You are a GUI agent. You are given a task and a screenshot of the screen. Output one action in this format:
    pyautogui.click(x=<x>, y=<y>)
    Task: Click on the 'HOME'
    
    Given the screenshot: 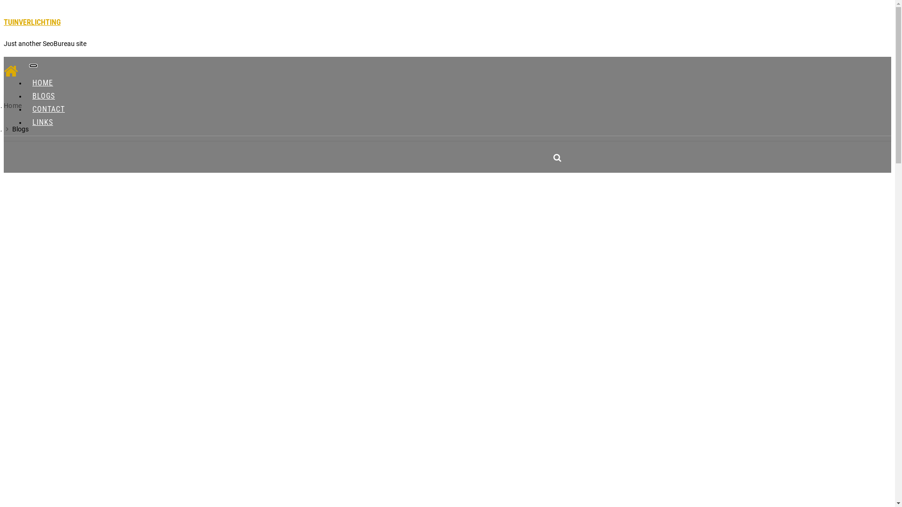 What is the action you would take?
    pyautogui.click(x=26, y=82)
    